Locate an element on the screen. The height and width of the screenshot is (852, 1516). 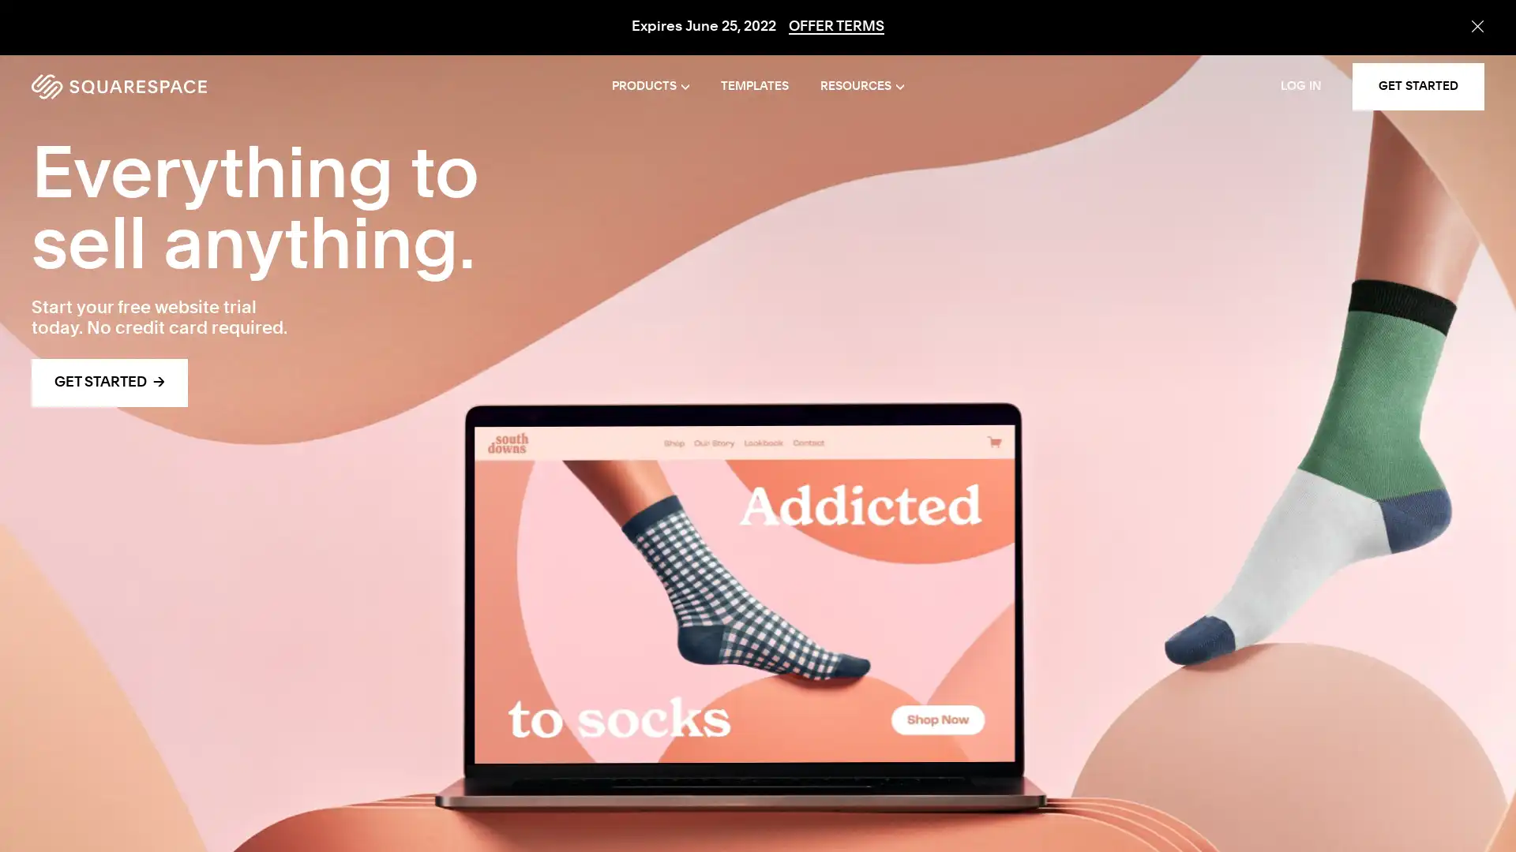
Products dropdown menu is located at coordinates (651, 87).